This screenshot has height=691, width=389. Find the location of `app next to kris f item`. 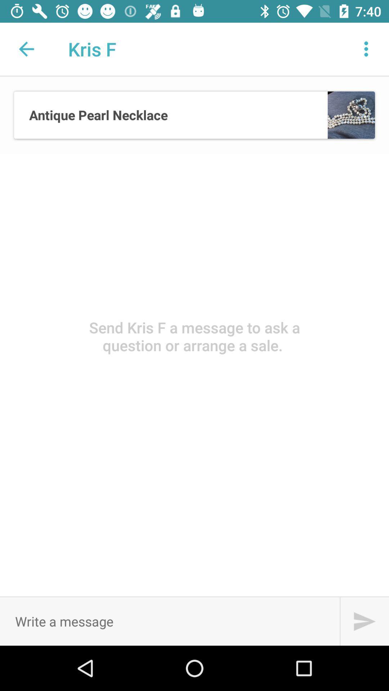

app next to kris f item is located at coordinates (366, 49).